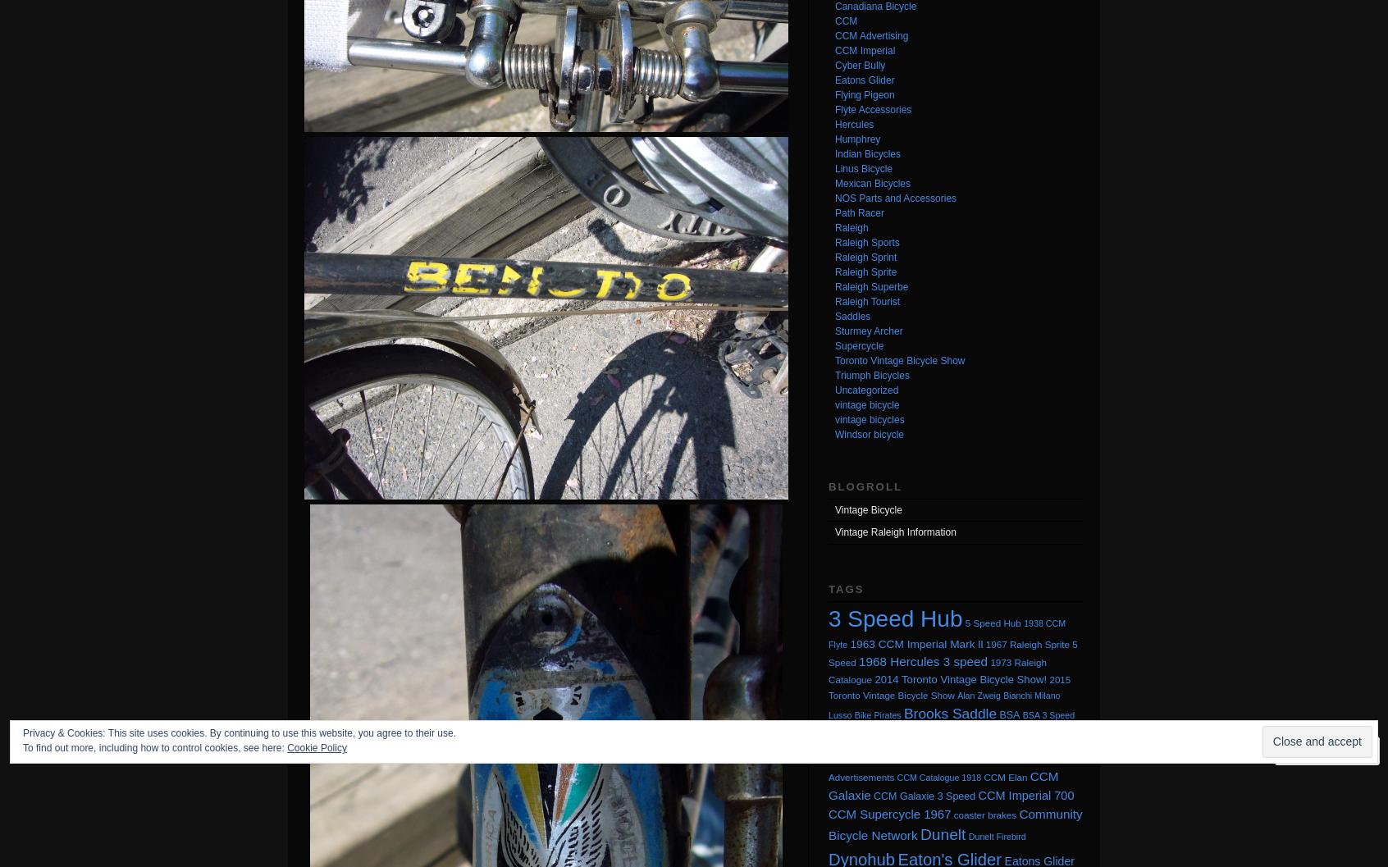  Describe the element at coordinates (870, 433) in the screenshot. I see `'Windsor bicycle'` at that location.